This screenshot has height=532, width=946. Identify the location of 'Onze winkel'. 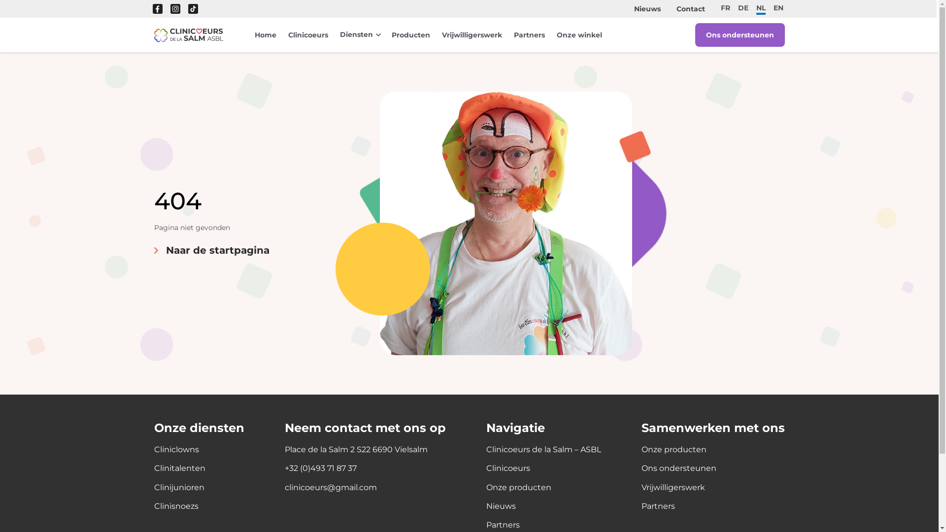
(579, 34).